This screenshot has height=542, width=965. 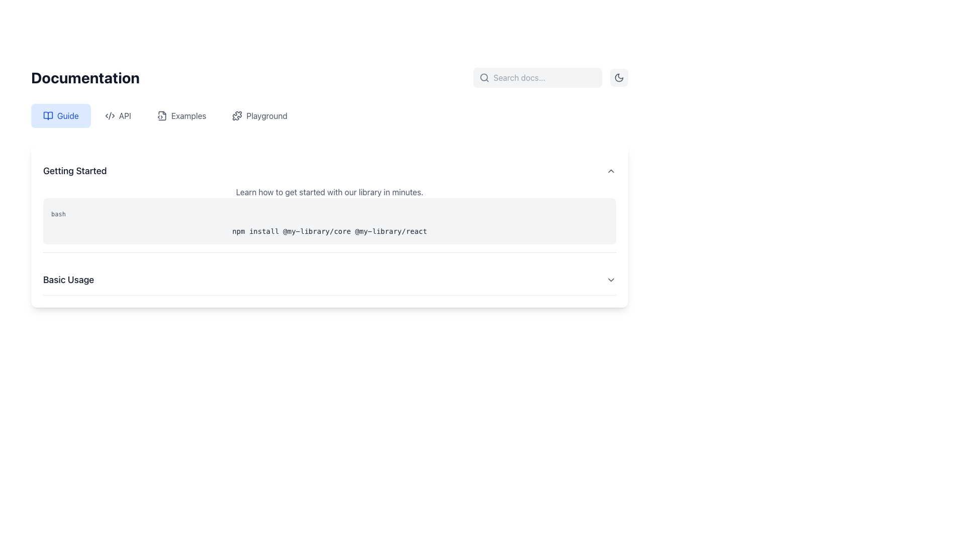 What do you see at coordinates (330, 192) in the screenshot?
I see `the informational static text that provides an overview or instruction about the library, positioned above the code snippet starting with 'bash'` at bounding box center [330, 192].